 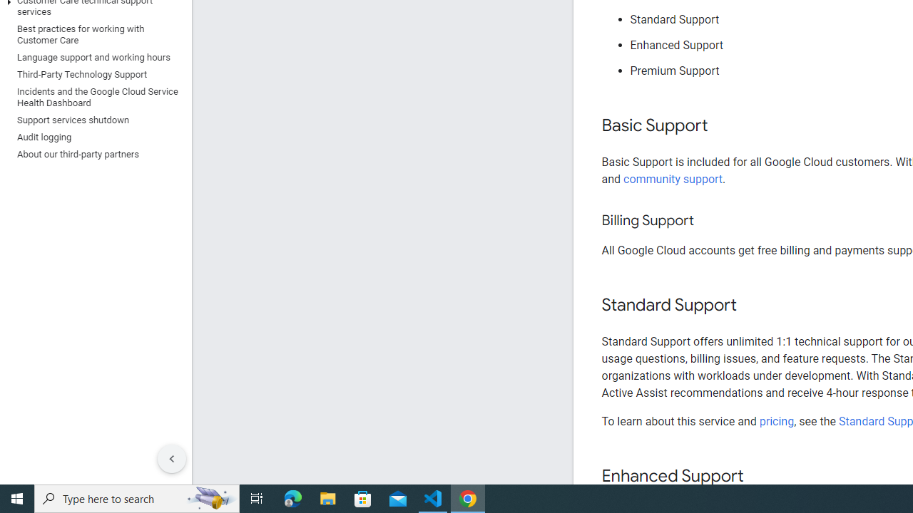 I want to click on 'Support services shutdown', so click(x=92, y=119).